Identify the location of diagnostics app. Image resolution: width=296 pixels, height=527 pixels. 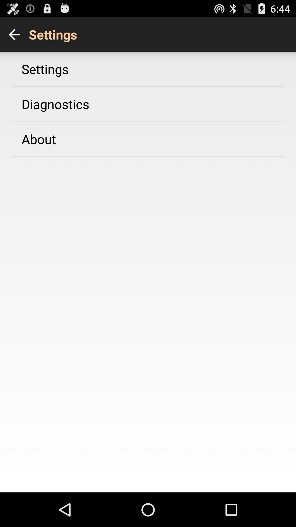
(55, 104).